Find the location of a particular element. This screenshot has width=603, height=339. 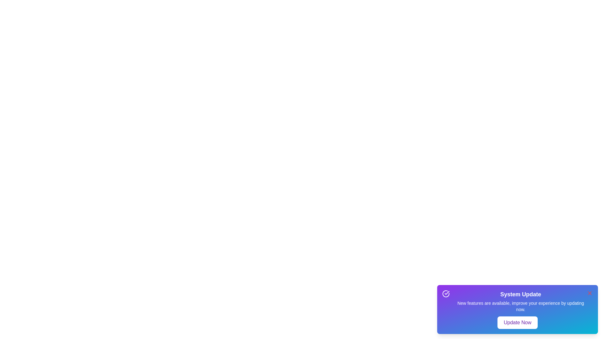

the close button to dismiss the notification is located at coordinates (589, 293).